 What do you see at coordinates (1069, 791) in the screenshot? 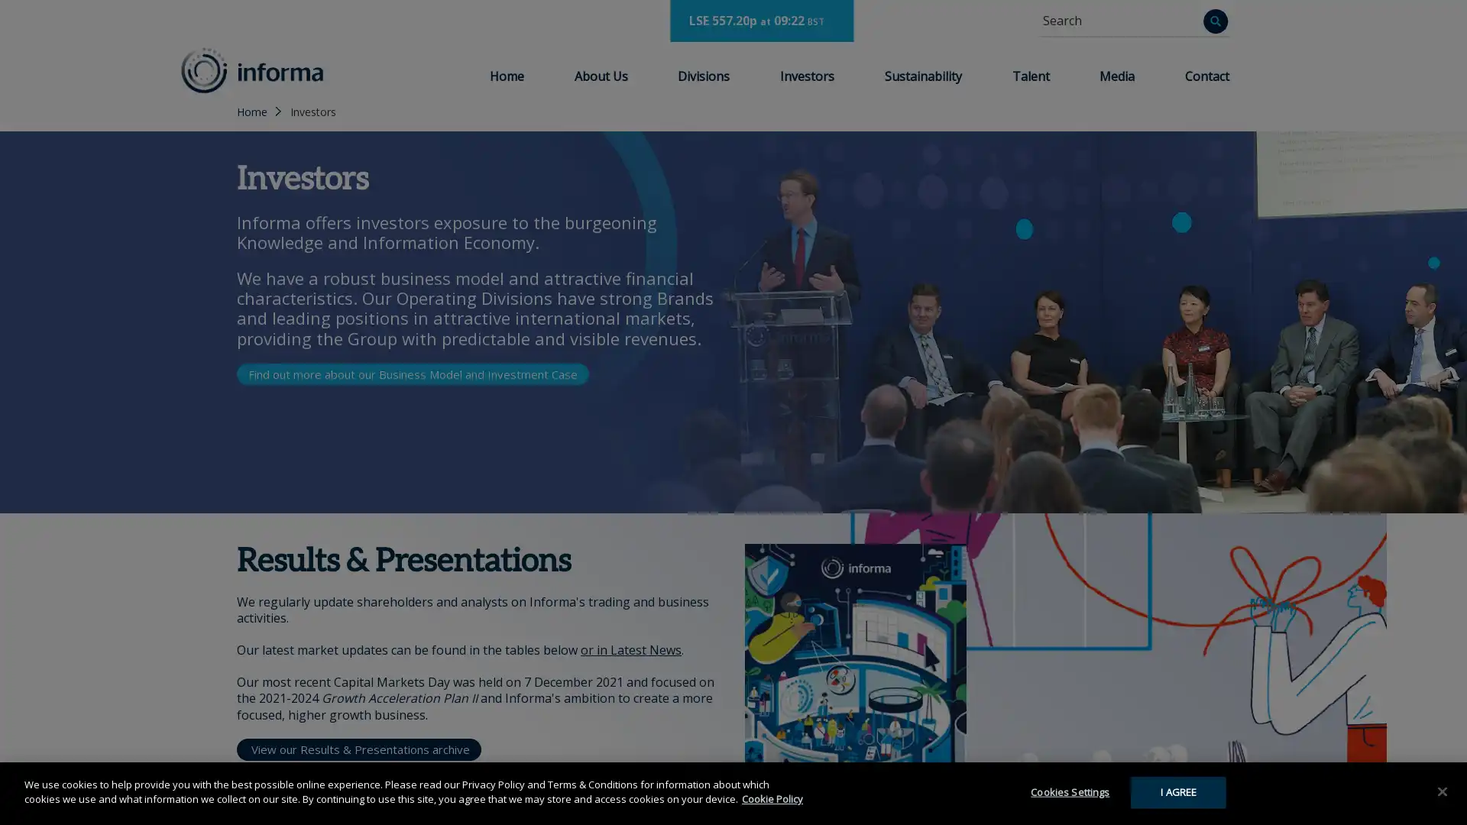
I see `Cookies Settings` at bounding box center [1069, 791].